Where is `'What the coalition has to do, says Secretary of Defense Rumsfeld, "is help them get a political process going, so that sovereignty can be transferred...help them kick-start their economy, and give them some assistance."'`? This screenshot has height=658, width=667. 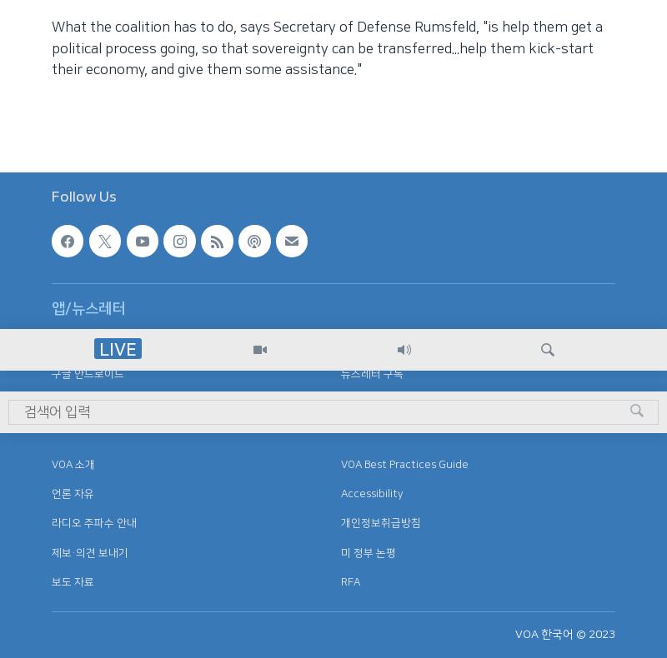
'What the coalition has to do, says Secretary of Defense Rumsfeld, "is help them get a political process going, so that sovereignty can be transferred...help them kick-start their economy, and give them some assistance."' is located at coordinates (326, 47).